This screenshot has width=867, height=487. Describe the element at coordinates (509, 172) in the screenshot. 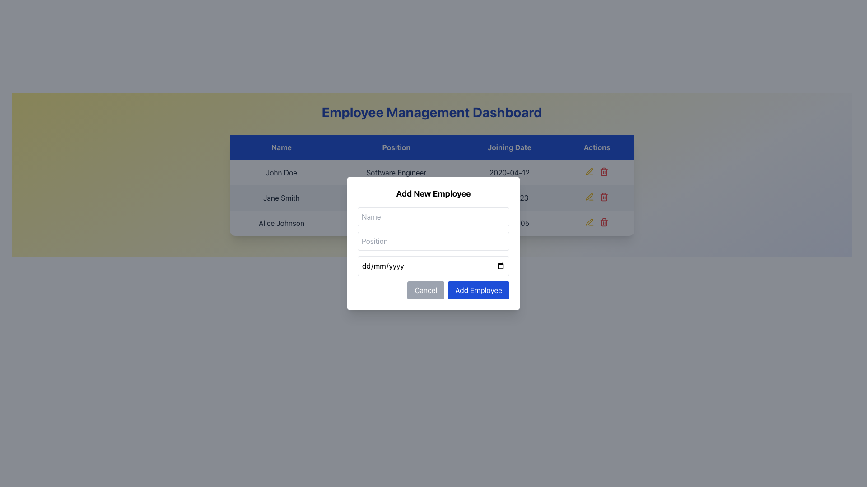

I see `the text displaying the date '2020-04-12' in the 'Joining Date' column of the employee management table` at that location.